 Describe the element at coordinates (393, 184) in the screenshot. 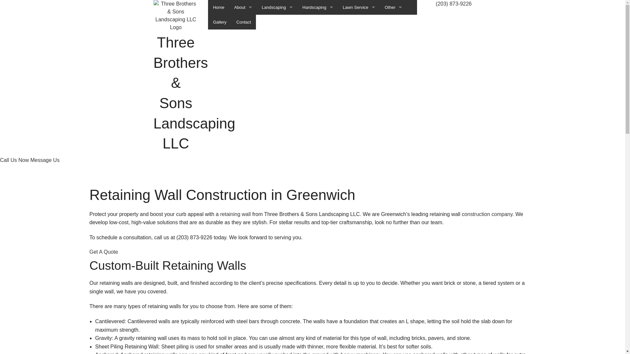

I see `'Tree Services'` at that location.